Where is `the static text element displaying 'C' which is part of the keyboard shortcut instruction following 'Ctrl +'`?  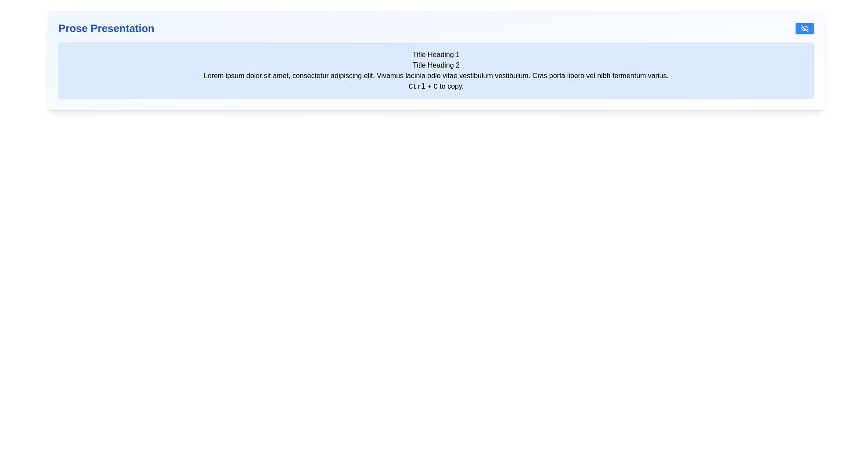
the static text element displaying 'C' which is part of the keyboard shortcut instruction following 'Ctrl +' is located at coordinates (436, 86).